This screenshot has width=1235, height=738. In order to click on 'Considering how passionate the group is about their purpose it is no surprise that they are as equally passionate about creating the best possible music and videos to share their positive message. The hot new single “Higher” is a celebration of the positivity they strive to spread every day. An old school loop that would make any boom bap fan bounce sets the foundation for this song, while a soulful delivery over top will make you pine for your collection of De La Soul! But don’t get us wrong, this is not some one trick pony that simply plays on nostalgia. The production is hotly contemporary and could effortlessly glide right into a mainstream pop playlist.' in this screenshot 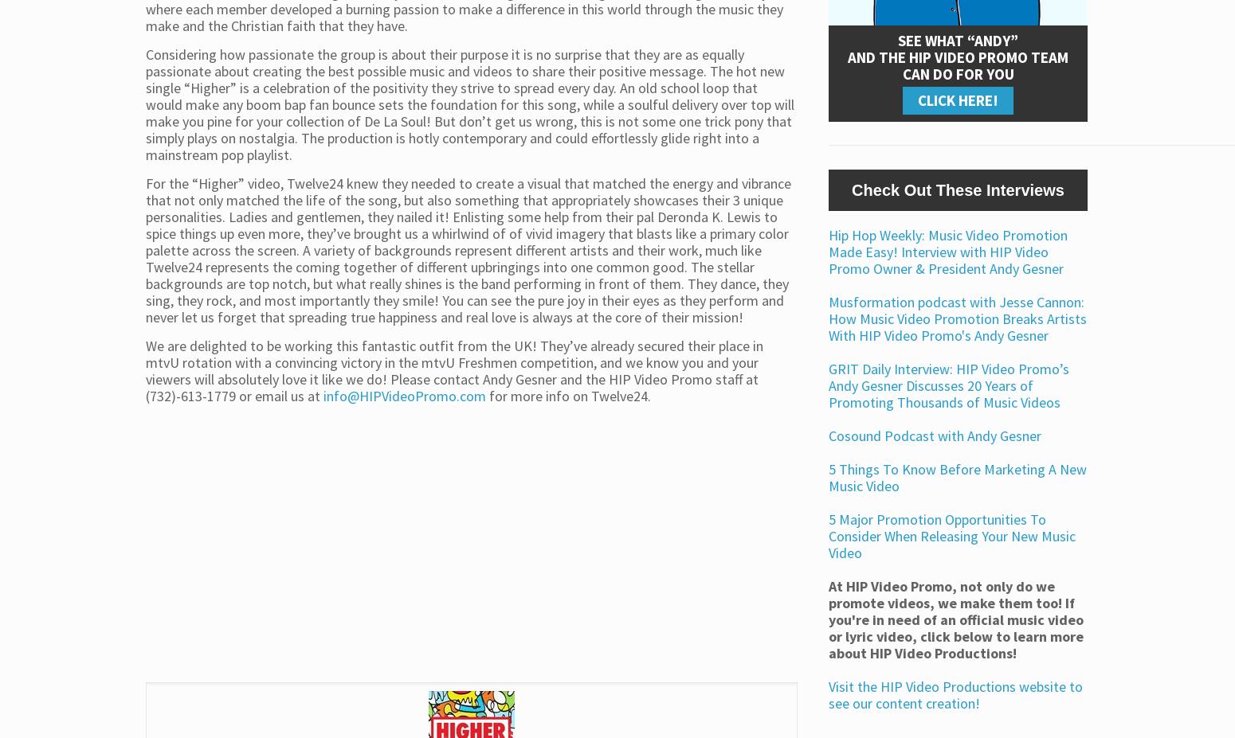, I will do `click(469, 103)`.